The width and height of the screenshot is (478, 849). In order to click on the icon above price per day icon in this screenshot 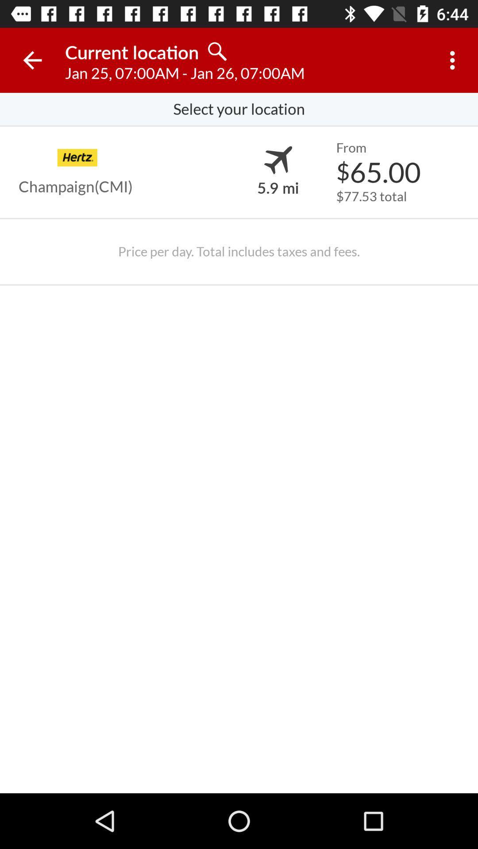, I will do `click(371, 196)`.